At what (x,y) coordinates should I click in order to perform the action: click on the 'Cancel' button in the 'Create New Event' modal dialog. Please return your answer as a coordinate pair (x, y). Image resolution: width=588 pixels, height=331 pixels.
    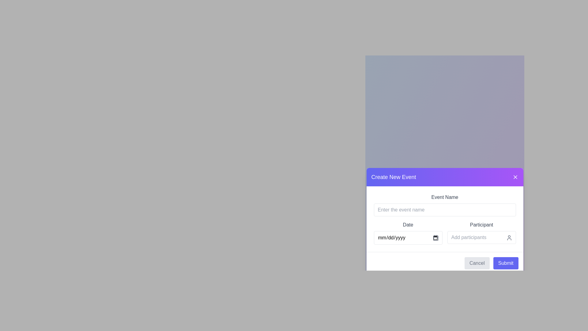
    Looking at the image, I should click on (477, 263).